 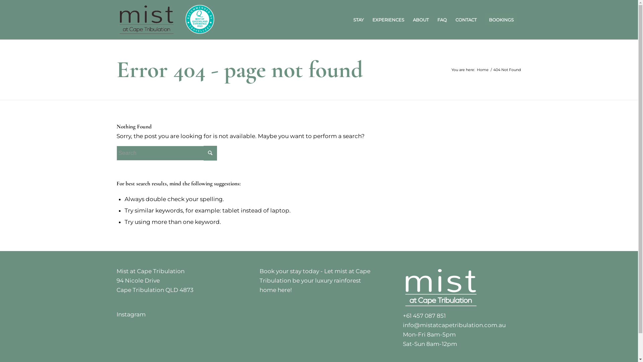 I want to click on 'CONTACT', so click(x=465, y=19).